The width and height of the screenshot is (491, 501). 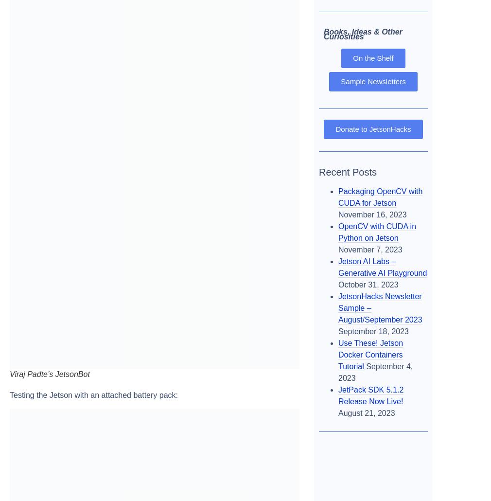 I want to click on 'November 16, 2023', so click(x=372, y=214).